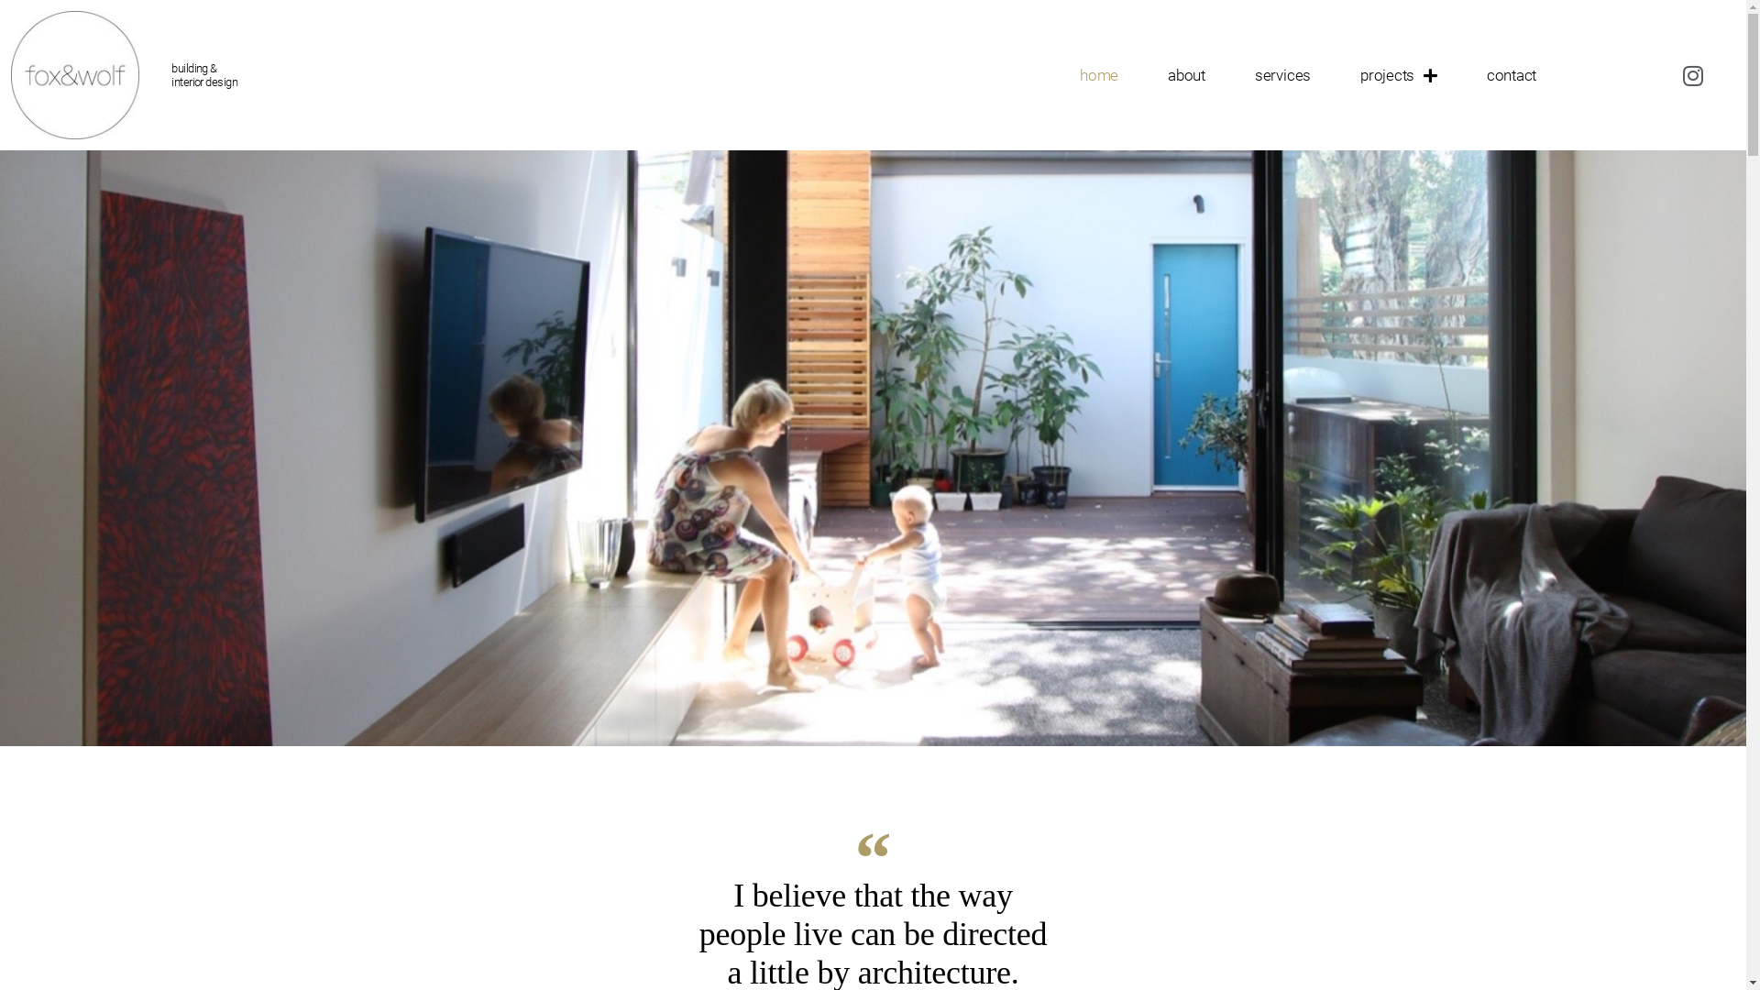 This screenshot has height=990, width=1760. I want to click on 'home', so click(1099, 73).